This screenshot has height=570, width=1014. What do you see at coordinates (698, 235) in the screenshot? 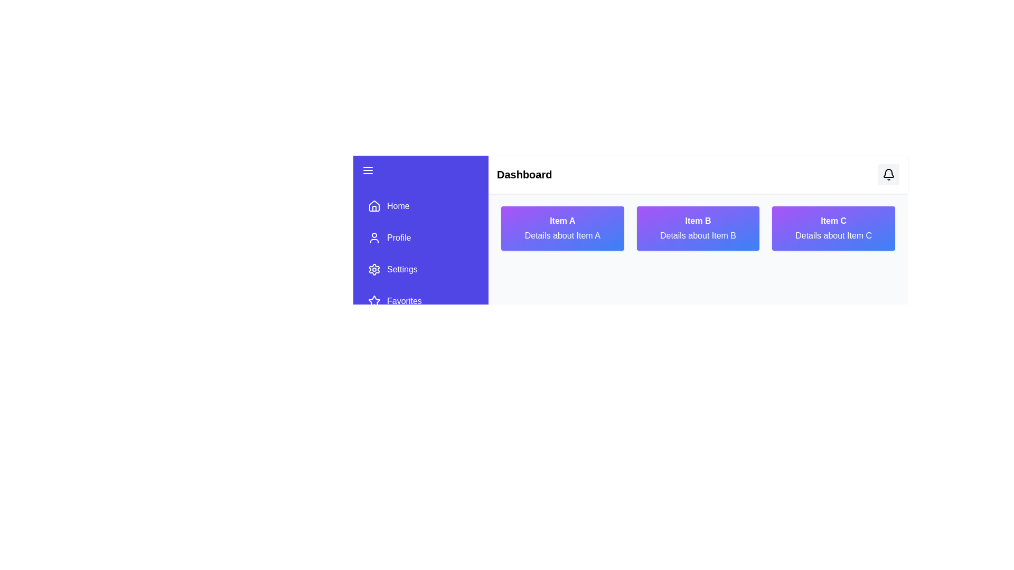
I see `the text label displaying 'Details about Item B' which is centered on a gradient purple-to-blue background, positioned below 'Item B' in the second card of a row of three similar cards` at bounding box center [698, 235].